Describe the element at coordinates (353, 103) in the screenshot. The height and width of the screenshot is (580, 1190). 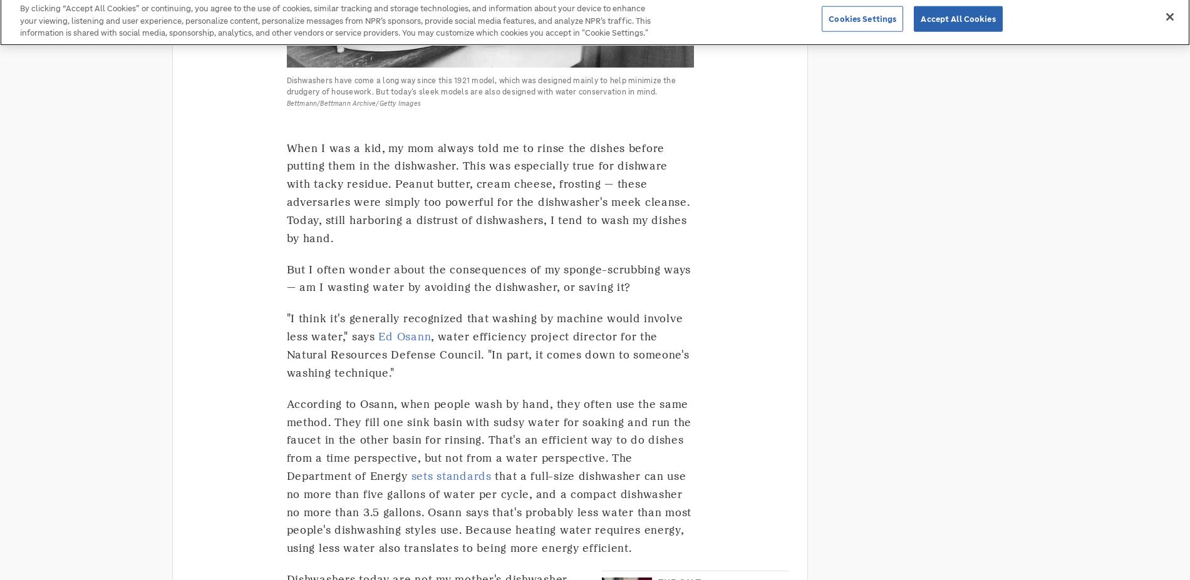
I see `'Bettmann/Bettmann Archive/Getty Images'` at that location.